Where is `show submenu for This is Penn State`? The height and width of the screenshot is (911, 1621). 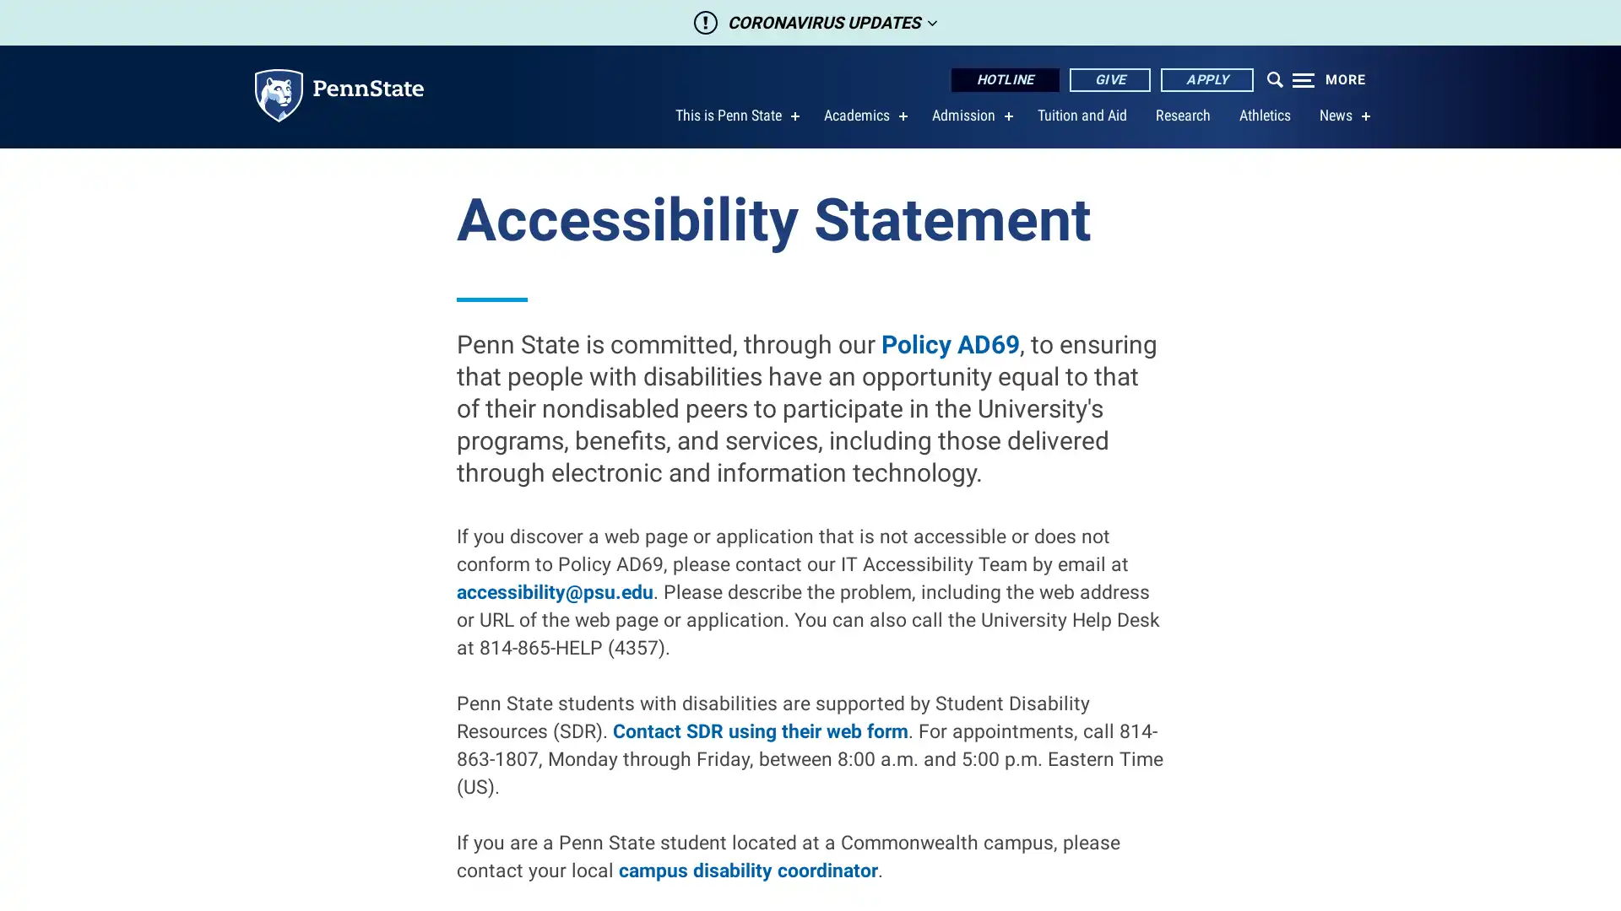 show submenu for This is Penn State is located at coordinates (788, 116).